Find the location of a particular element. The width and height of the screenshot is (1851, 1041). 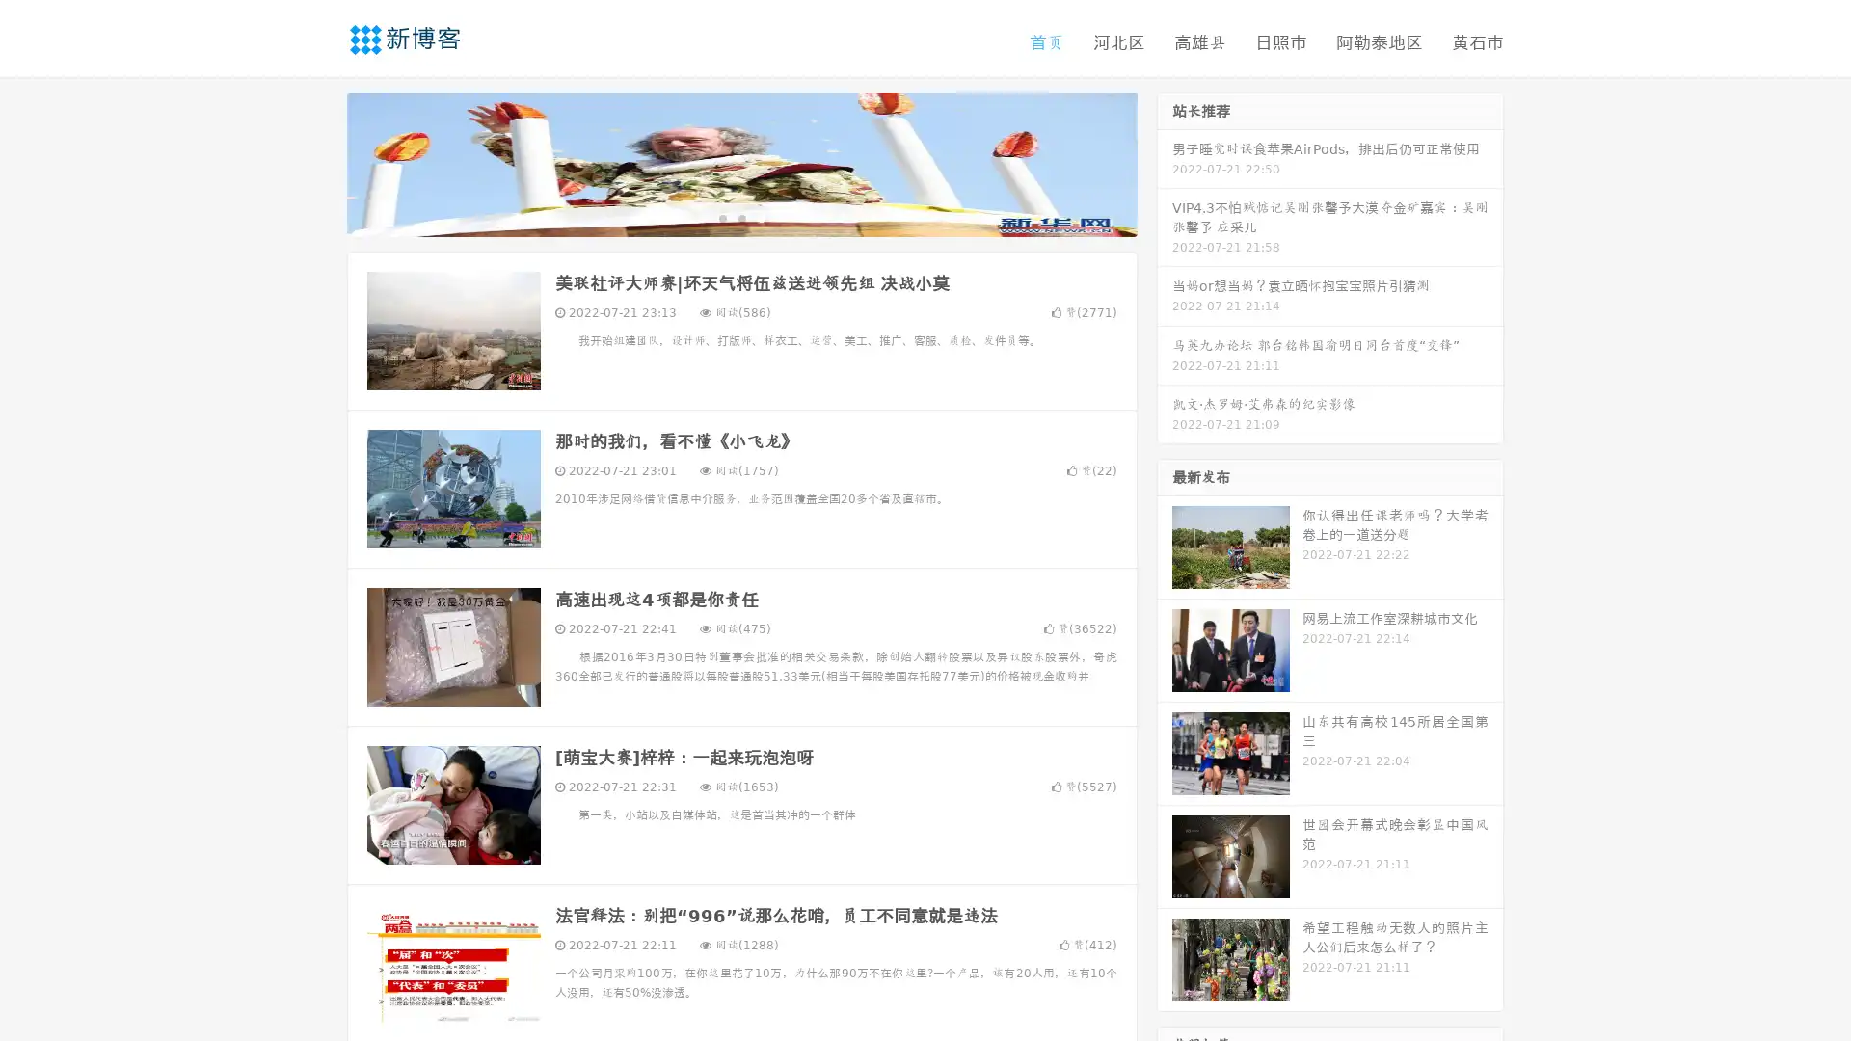

Next slide is located at coordinates (1165, 162).